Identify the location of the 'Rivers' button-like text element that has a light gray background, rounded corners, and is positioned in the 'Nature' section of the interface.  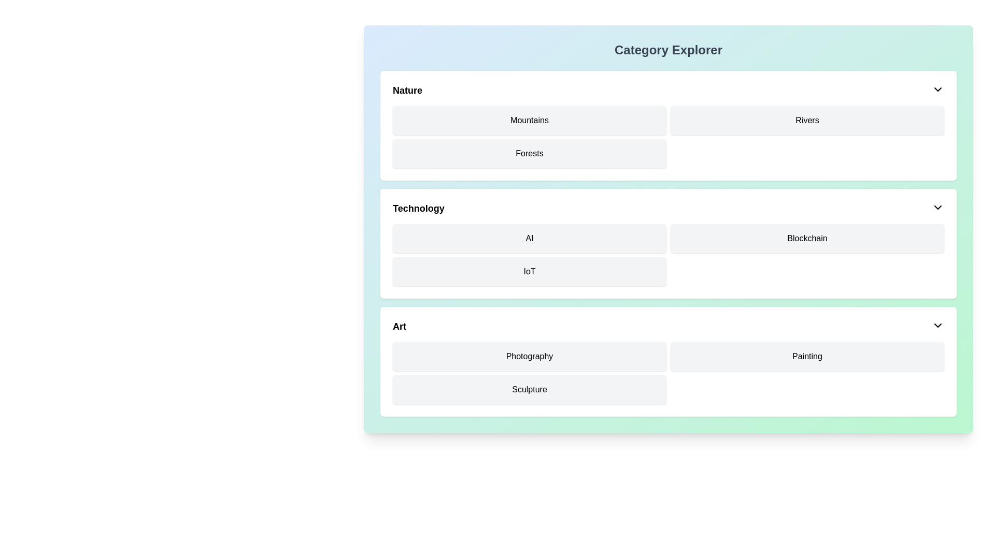
(807, 120).